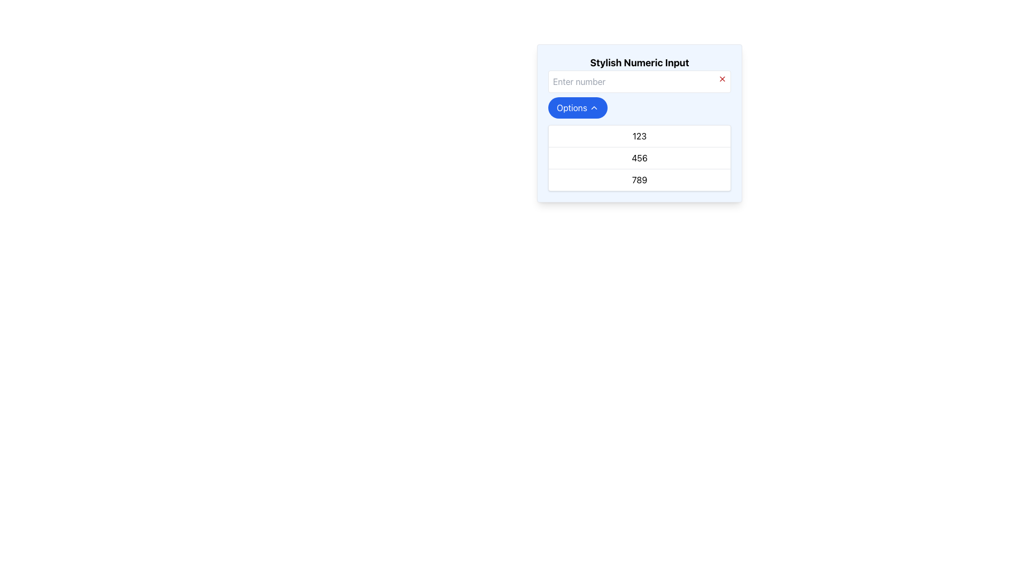  I want to click on the clear button located at the upper right corner of the input field, so click(722, 78).